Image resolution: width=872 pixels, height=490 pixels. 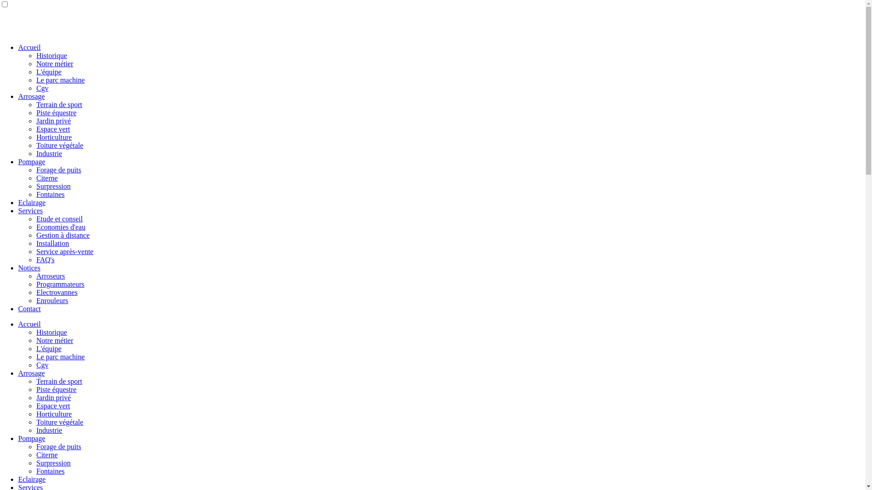 I want to click on 'FAQ's', so click(x=45, y=260).